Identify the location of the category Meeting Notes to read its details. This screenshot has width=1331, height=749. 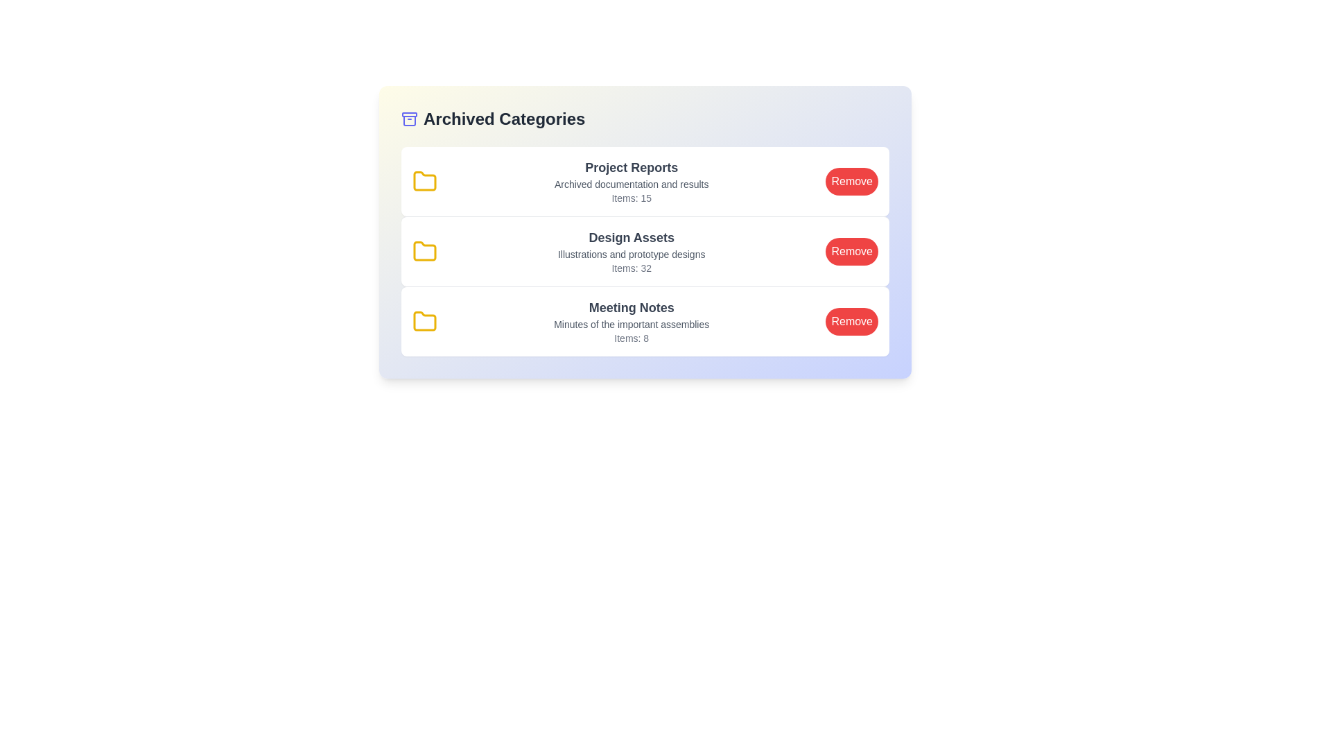
(645, 321).